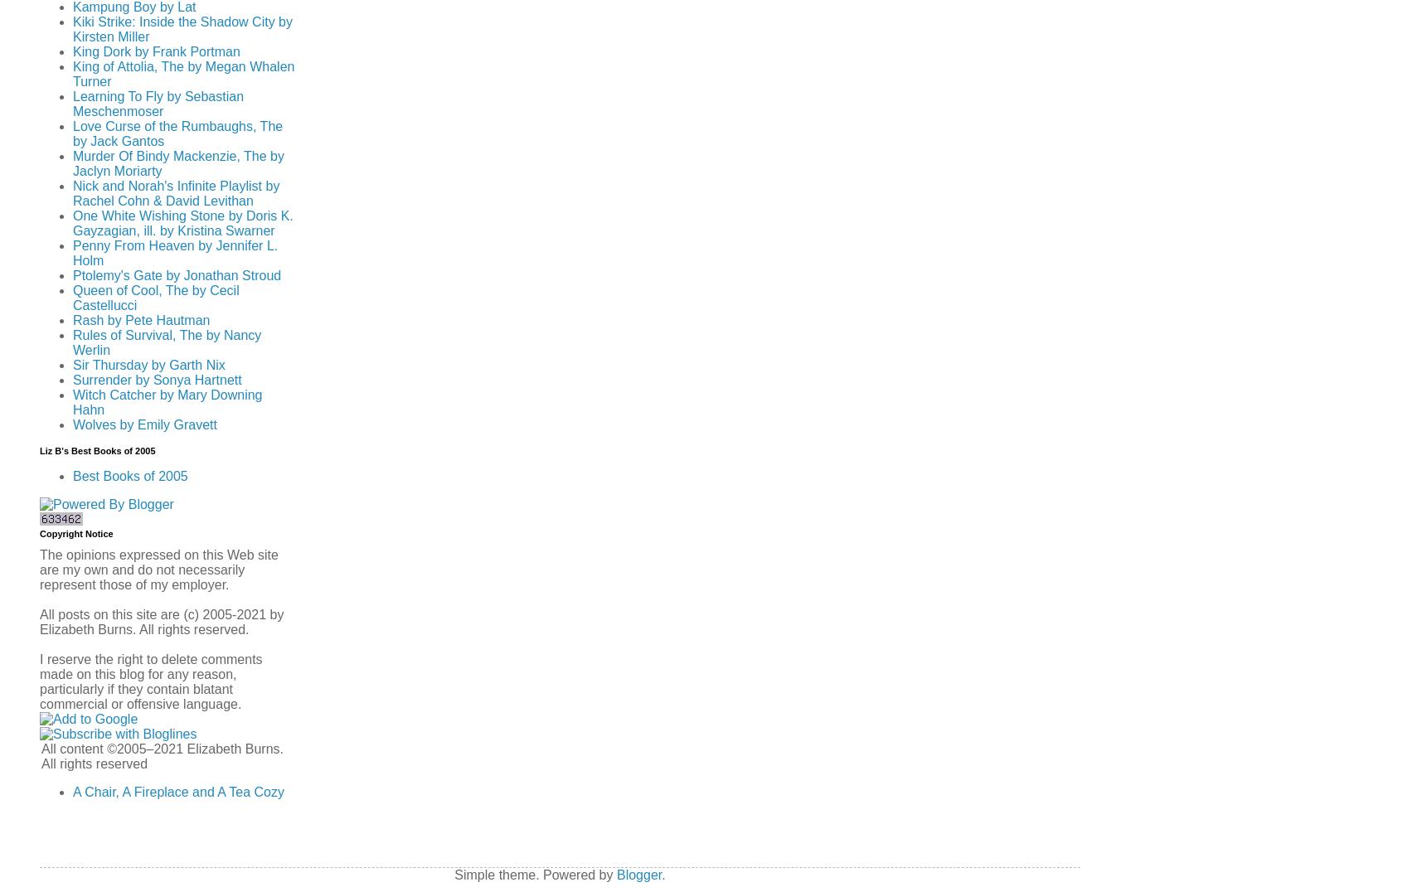 The width and height of the screenshot is (1417, 892). I want to click on 'Learning To Fly by Sebastian Meschenmoser', so click(72, 103).